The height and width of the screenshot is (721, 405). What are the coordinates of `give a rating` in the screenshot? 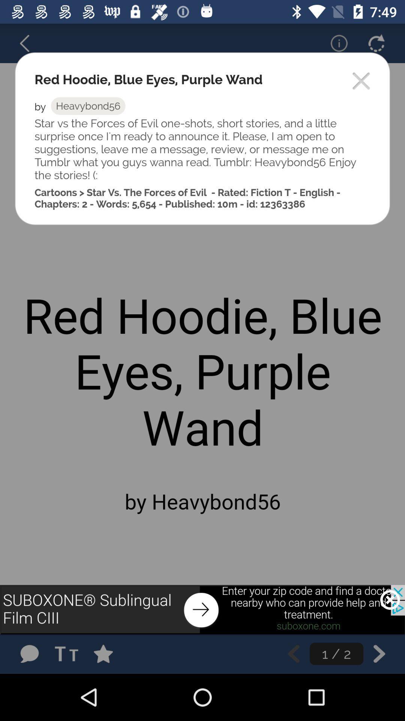 It's located at (111, 653).